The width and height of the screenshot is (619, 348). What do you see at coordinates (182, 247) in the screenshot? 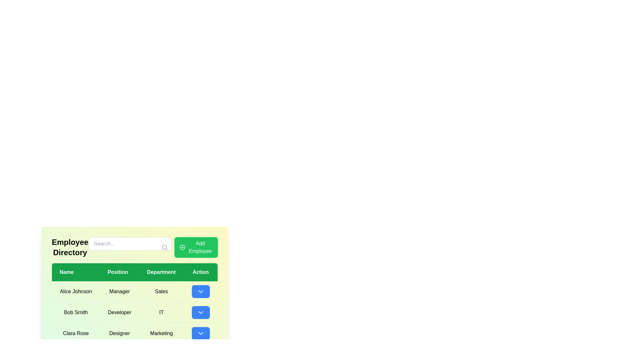
I see `the 'Add Employee' button which contains a circular plus icon with a green background and white outline, located in the upper right of the employee directory interface` at bounding box center [182, 247].